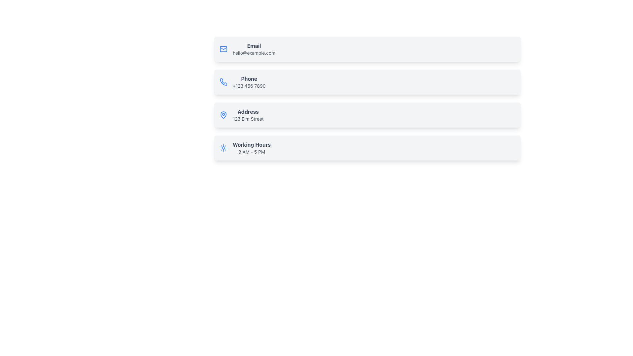  What do you see at coordinates (251, 152) in the screenshot?
I see `the text label displaying '9 AM - 5 PM', which is positioned below the 'Working Hours' title and to the right of a sun icon` at bounding box center [251, 152].